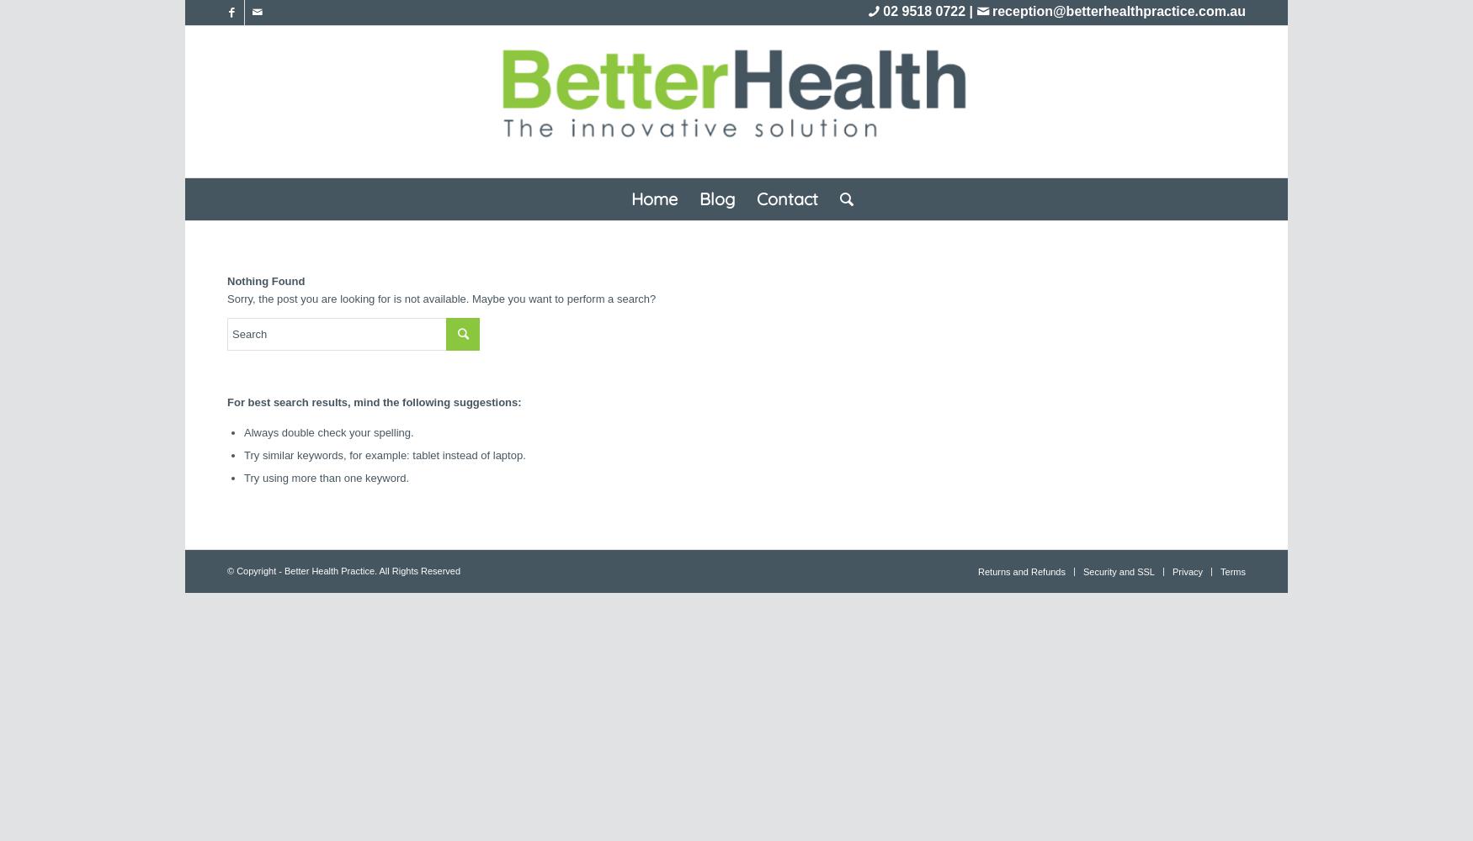  Describe the element at coordinates (927, 11) in the screenshot. I see `'02 9518 0722 |'` at that location.